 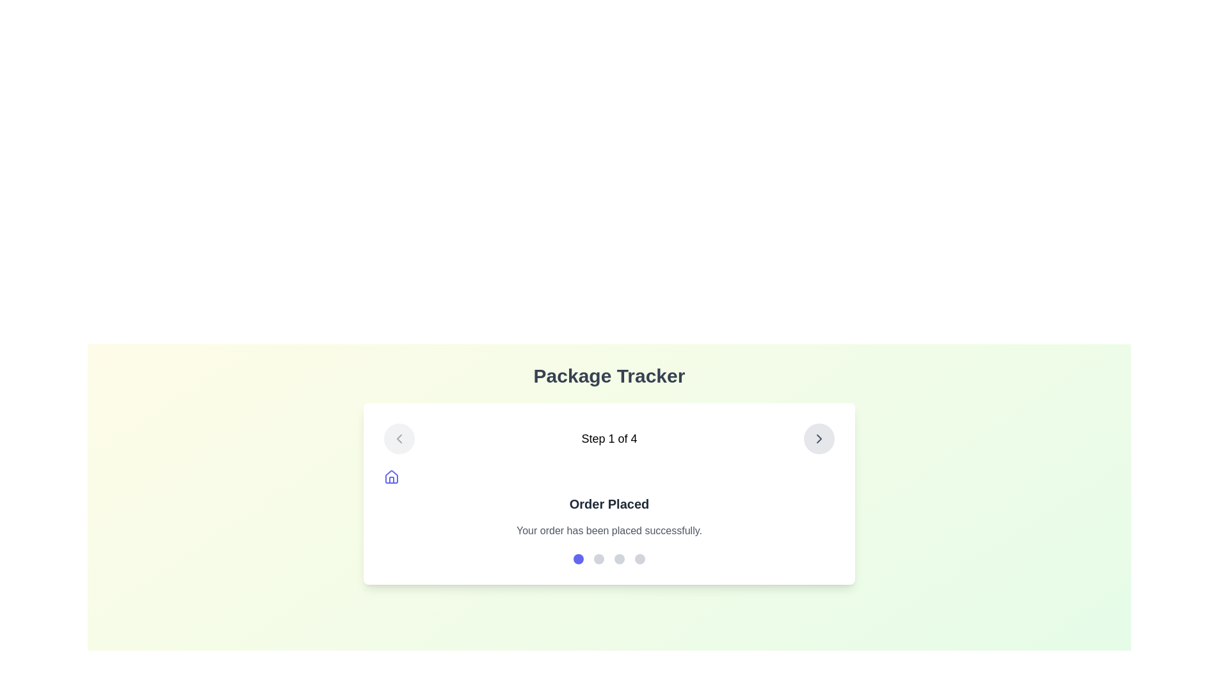 What do you see at coordinates (608, 438) in the screenshot?
I see `the 'Step 1 of 4' text label, which indicates the user's progress in a multi-step process, located centrally within the dialog box` at bounding box center [608, 438].